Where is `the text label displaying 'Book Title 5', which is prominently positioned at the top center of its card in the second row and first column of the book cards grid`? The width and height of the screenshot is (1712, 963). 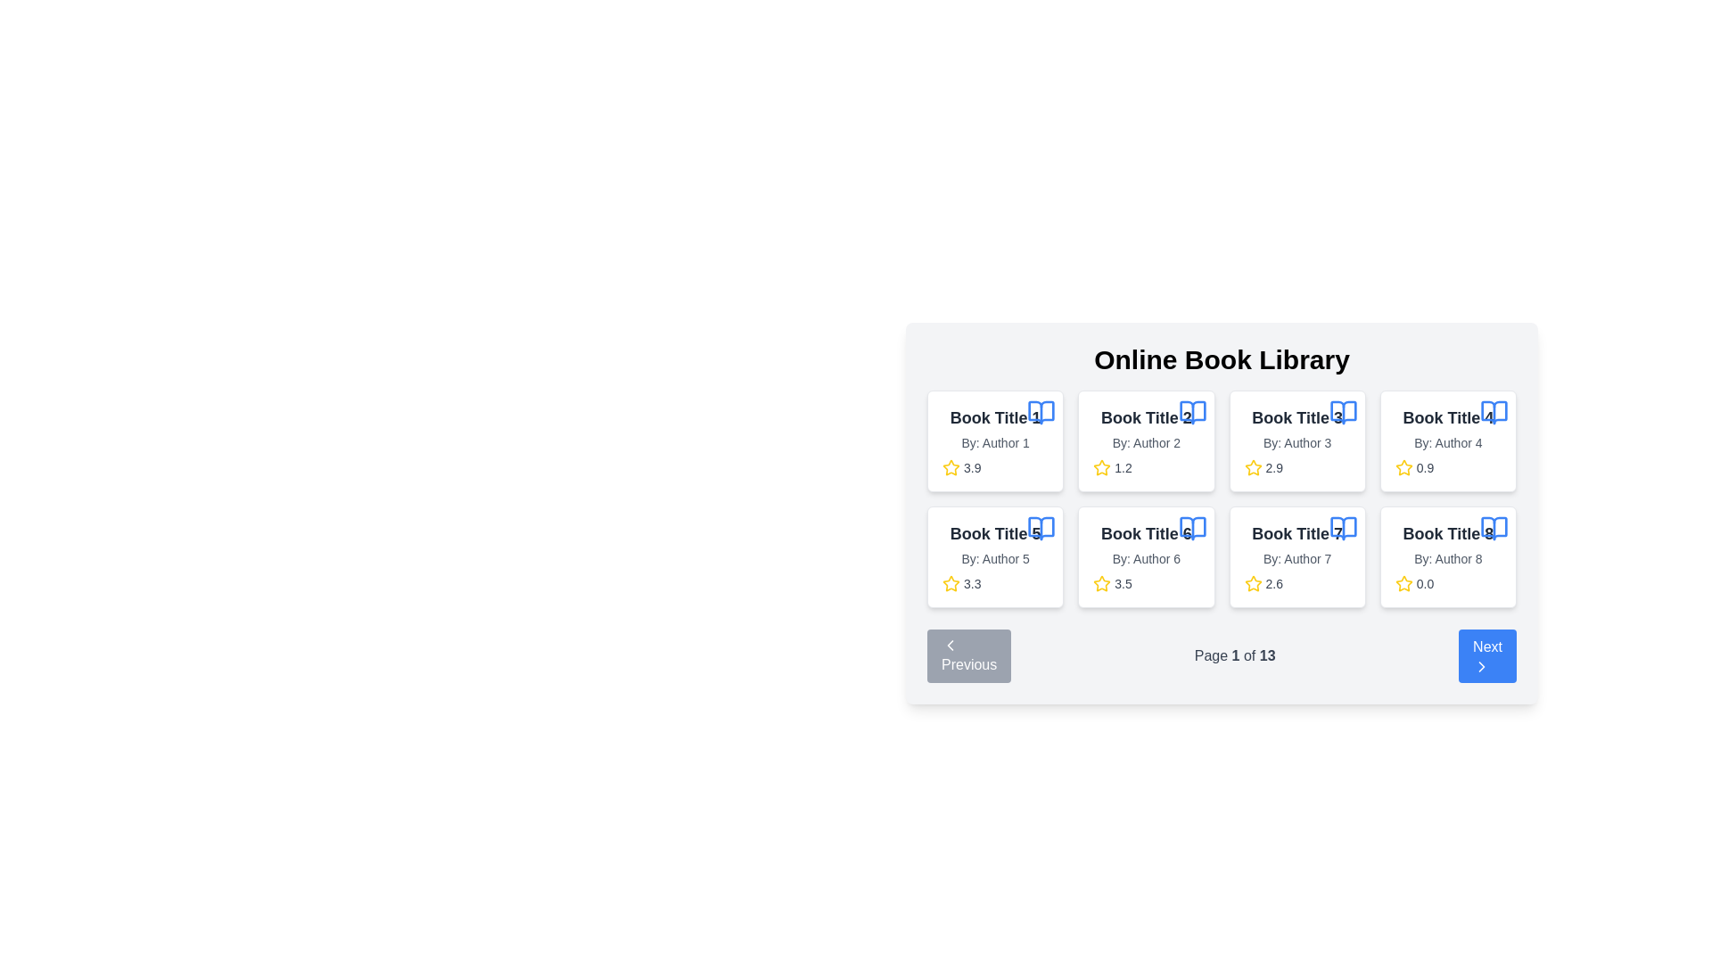
the text label displaying 'Book Title 5', which is prominently positioned at the top center of its card in the second row and first column of the book cards grid is located at coordinates (994, 532).